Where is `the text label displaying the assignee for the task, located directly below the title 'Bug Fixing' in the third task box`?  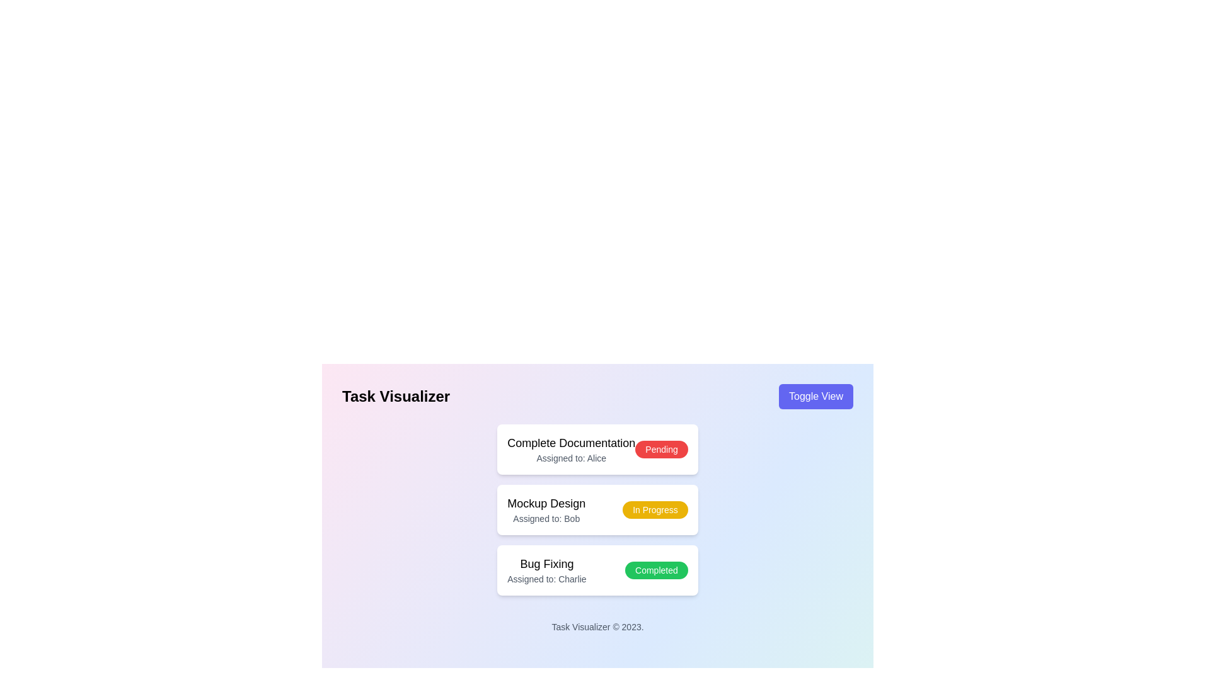
the text label displaying the assignee for the task, located directly below the title 'Bug Fixing' in the third task box is located at coordinates (546, 579).